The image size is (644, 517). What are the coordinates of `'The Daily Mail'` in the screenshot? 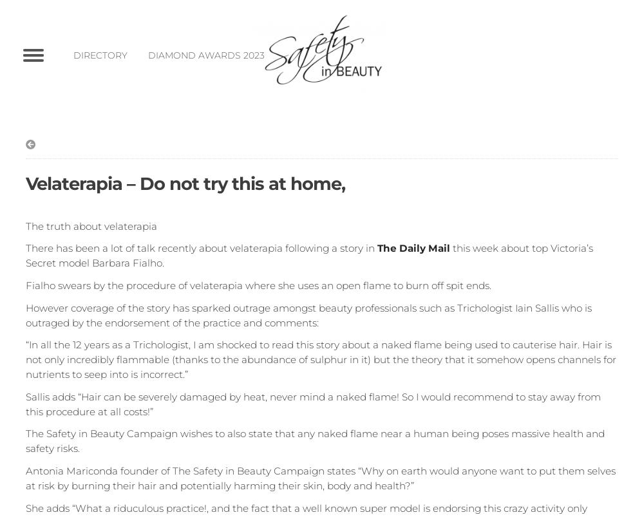 It's located at (413, 248).